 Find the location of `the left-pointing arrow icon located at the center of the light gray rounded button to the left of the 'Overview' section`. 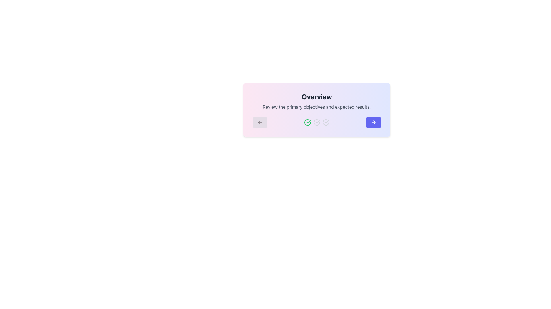

the left-pointing arrow icon located at the center of the light gray rounded button to the left of the 'Overview' section is located at coordinates (260, 122).